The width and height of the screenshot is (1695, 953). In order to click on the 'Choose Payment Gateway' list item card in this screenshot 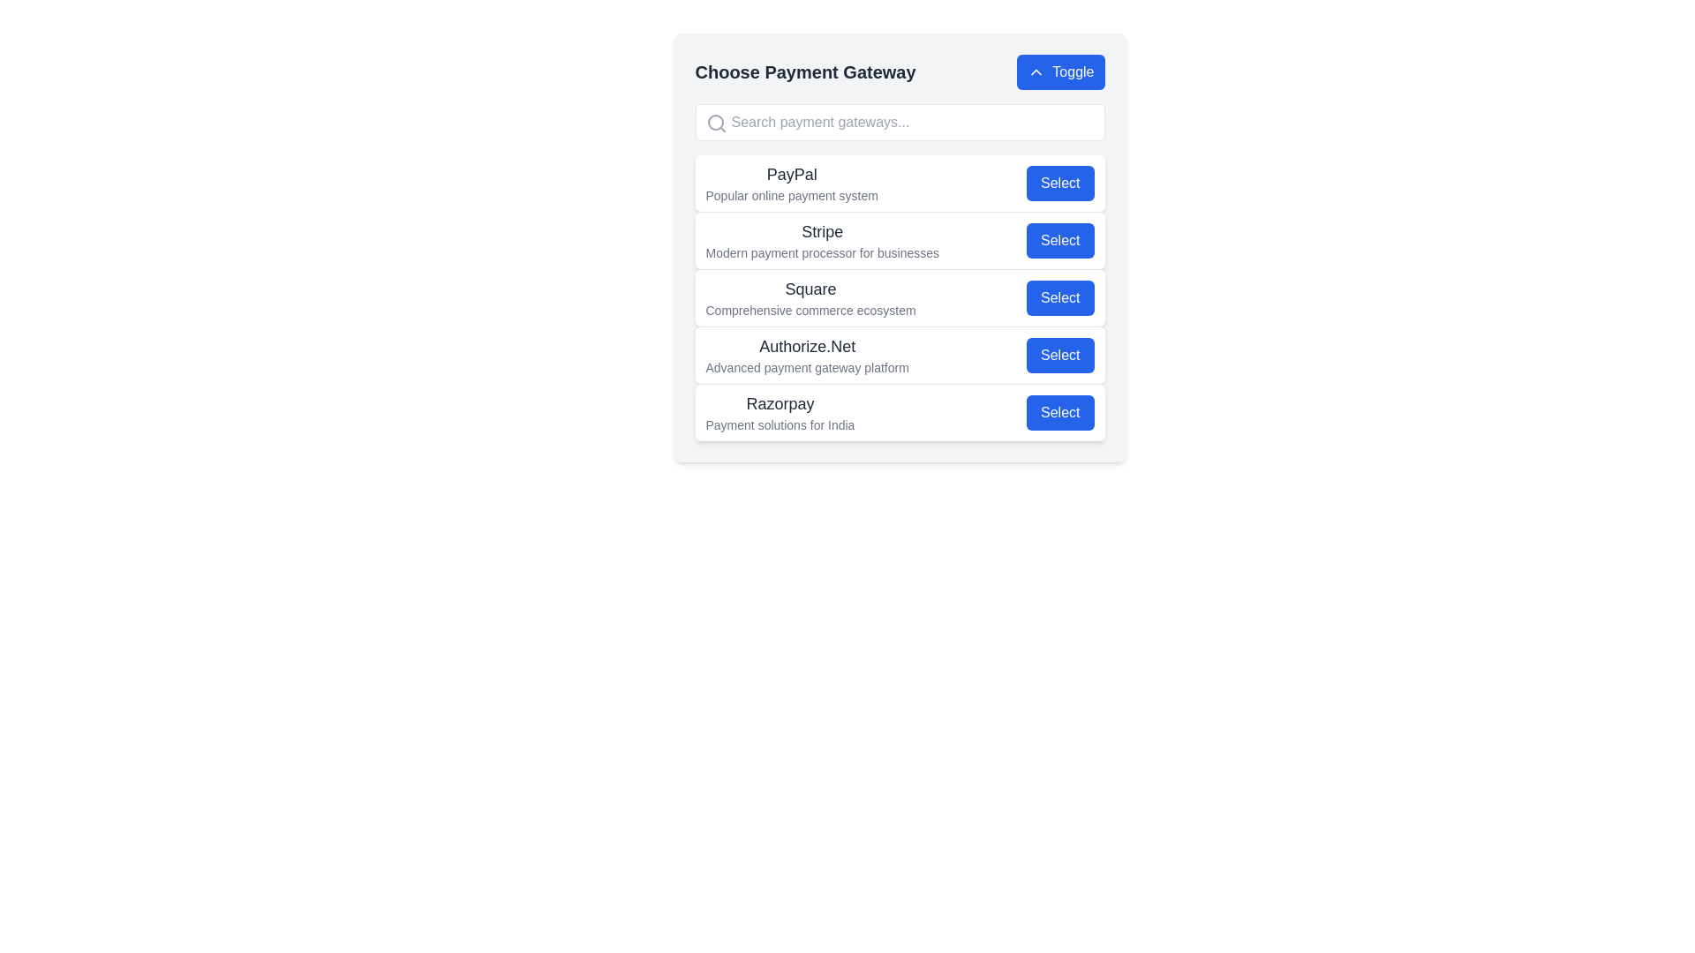, I will do `click(900, 248)`.